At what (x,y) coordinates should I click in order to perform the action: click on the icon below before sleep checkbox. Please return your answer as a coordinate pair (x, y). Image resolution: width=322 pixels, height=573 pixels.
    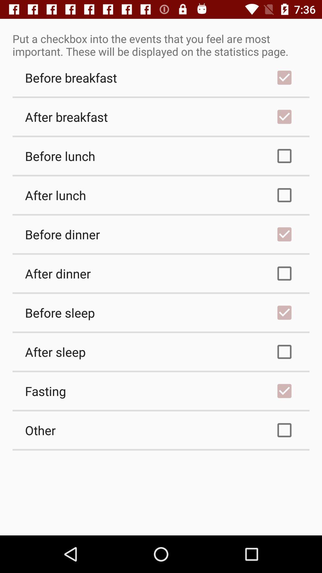
    Looking at the image, I should click on (161, 352).